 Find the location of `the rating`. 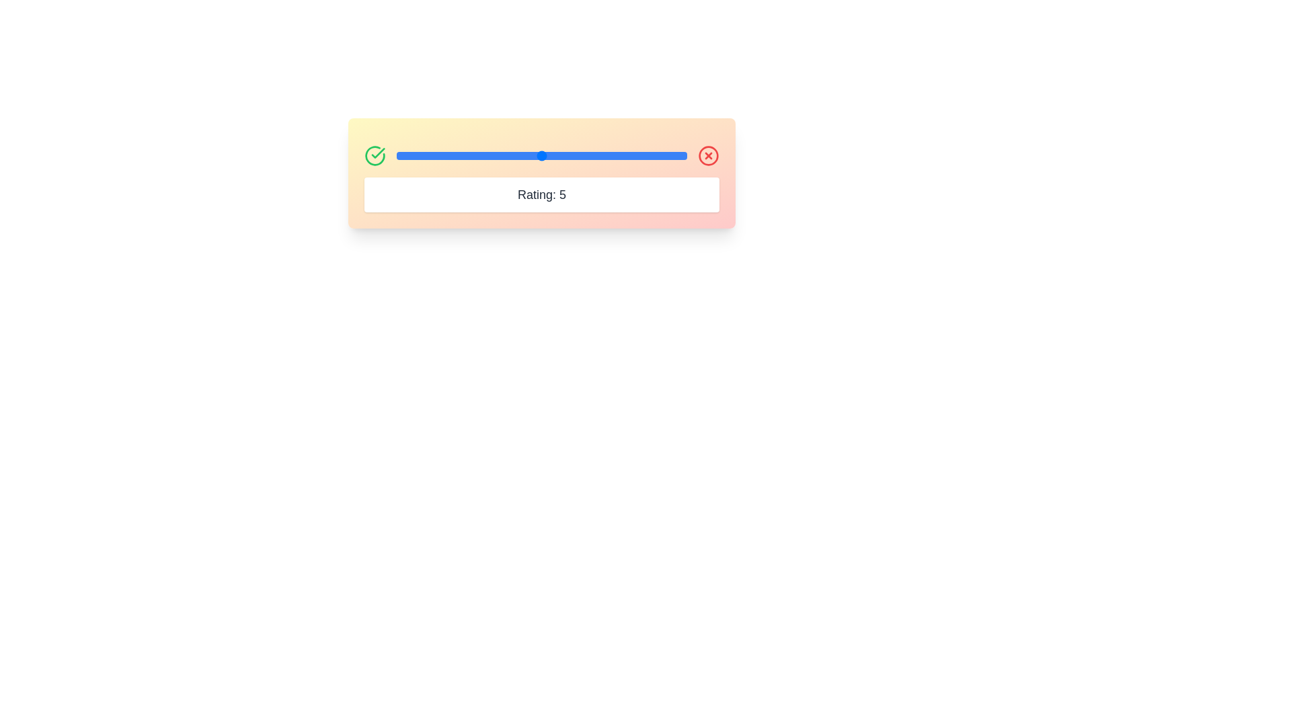

the rating is located at coordinates (455, 155).